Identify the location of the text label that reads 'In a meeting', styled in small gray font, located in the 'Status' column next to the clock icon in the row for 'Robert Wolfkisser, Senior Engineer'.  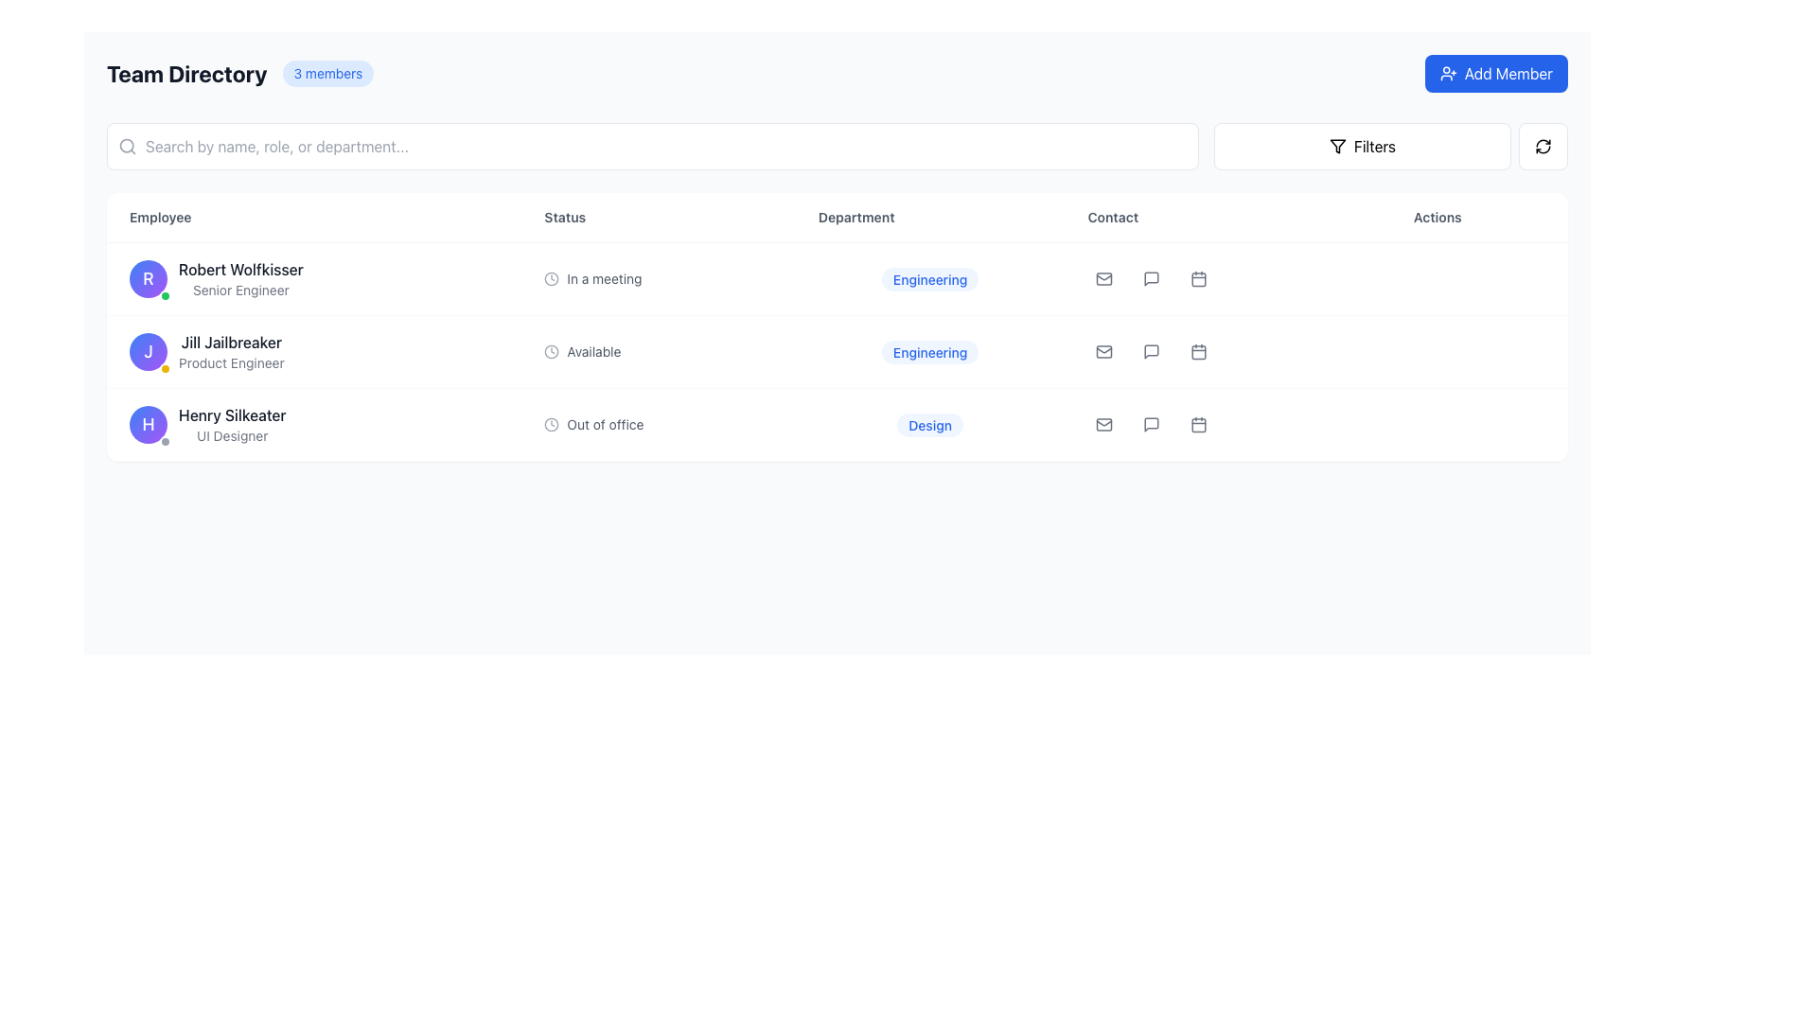
(603, 278).